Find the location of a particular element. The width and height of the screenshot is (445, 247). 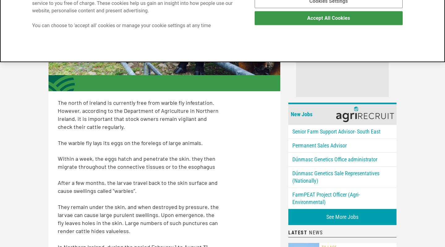

'FarmPEAT Project Officer (Agri-Environmental)' is located at coordinates (326, 198).